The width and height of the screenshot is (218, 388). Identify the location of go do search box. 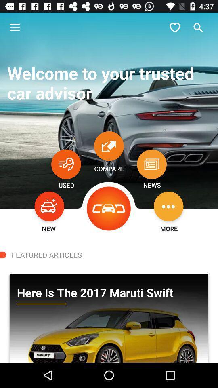
(198, 27).